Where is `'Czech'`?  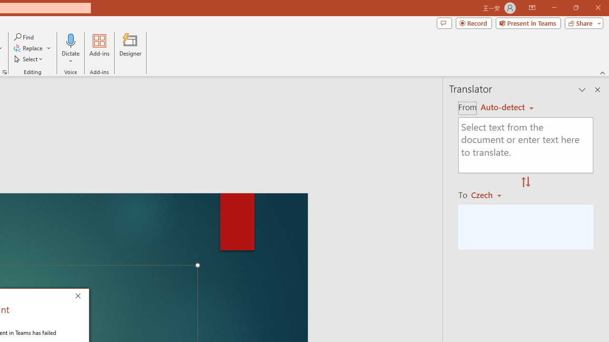 'Czech' is located at coordinates (491, 194).